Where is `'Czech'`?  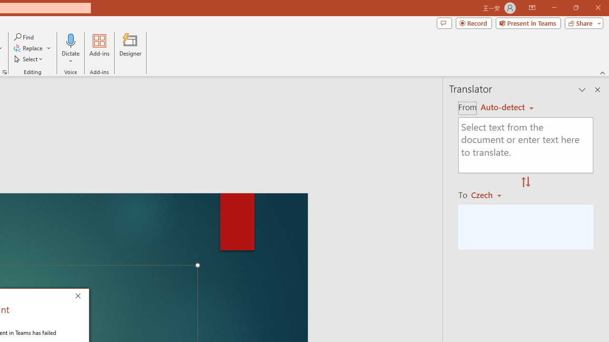 'Czech' is located at coordinates (491, 194).